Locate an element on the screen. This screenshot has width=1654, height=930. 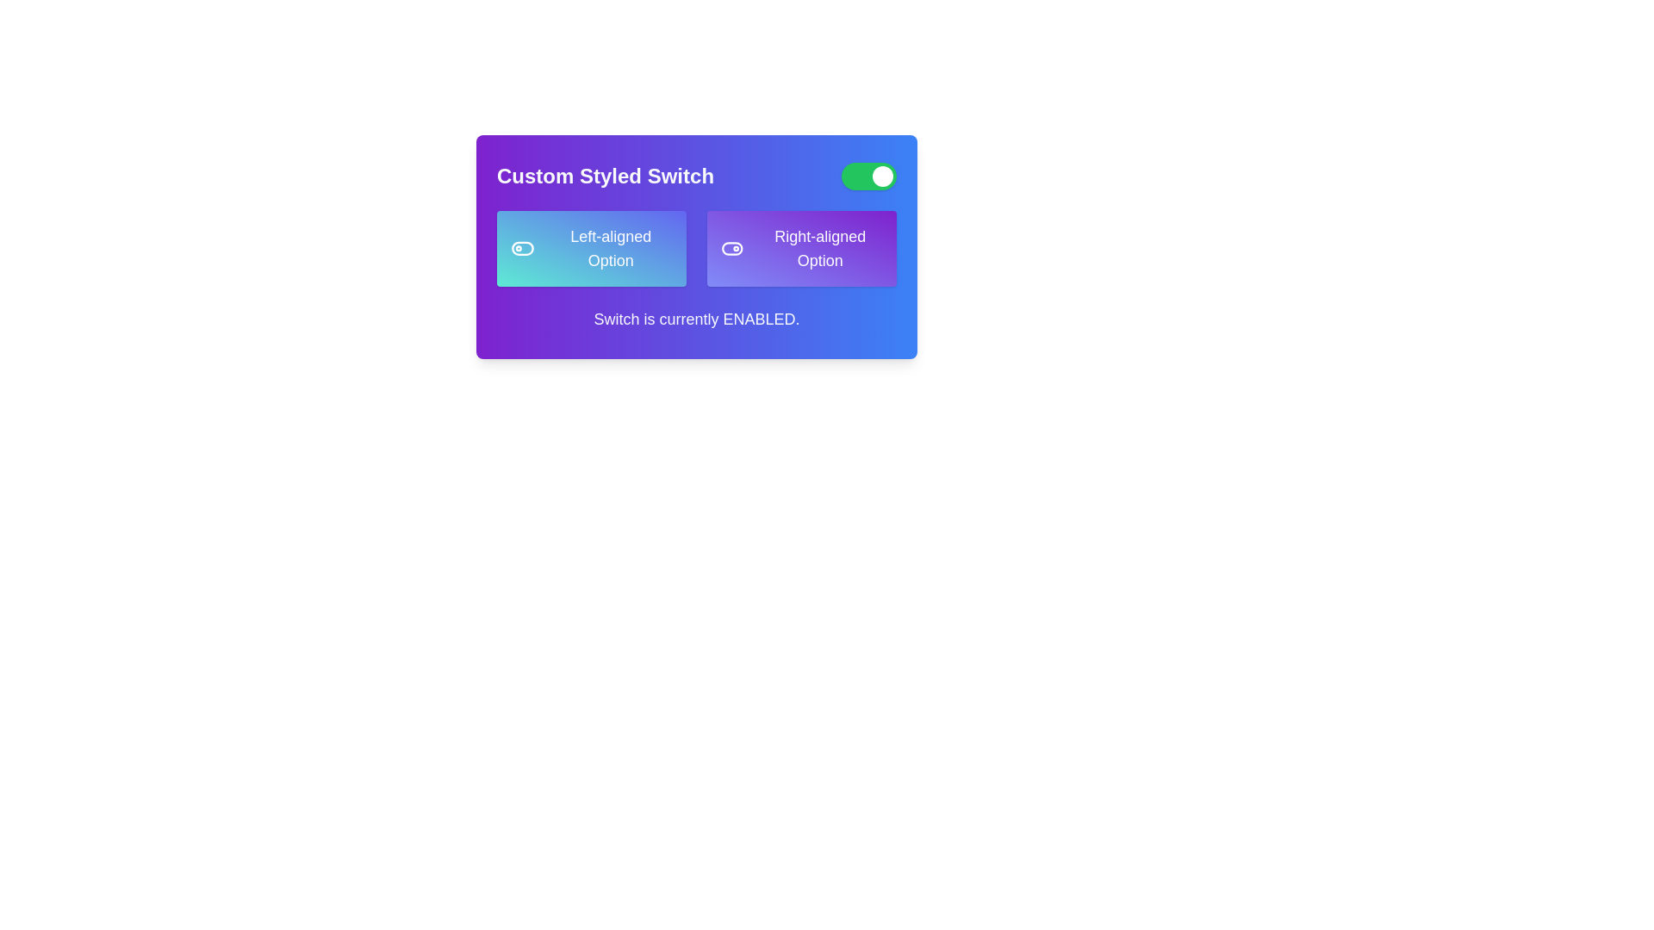
the toggle switch located to the right of the text 'Custom Styled Switch' to change its state from ON to OFF is located at coordinates (868, 176).